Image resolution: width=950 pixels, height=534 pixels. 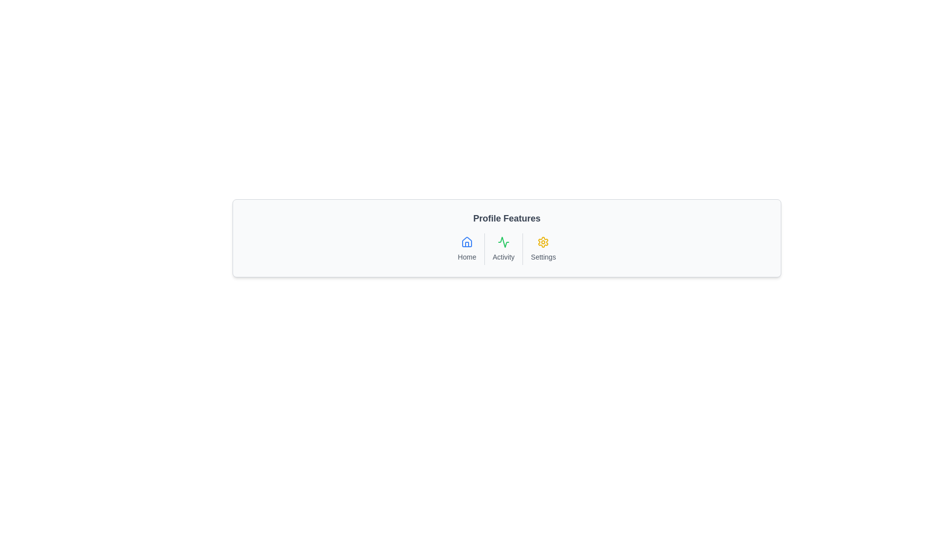 I want to click on the Vertical Divider, which is a gray-bordered vertical line located between the 'Activity' and 'Settings' sections, so click(x=522, y=249).